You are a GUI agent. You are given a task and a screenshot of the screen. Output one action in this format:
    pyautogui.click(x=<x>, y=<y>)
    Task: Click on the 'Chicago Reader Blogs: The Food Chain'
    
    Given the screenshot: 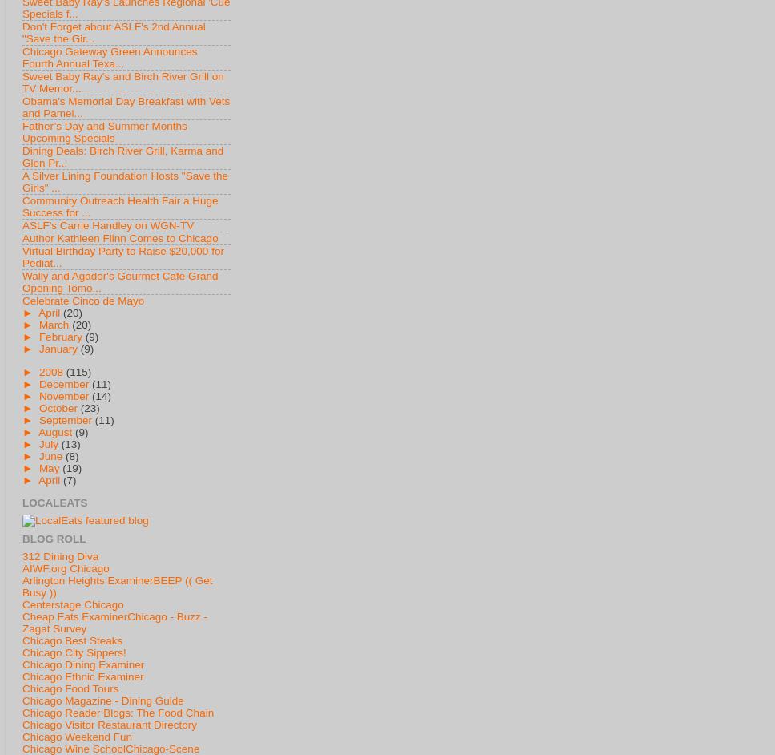 What is the action you would take?
    pyautogui.click(x=117, y=712)
    